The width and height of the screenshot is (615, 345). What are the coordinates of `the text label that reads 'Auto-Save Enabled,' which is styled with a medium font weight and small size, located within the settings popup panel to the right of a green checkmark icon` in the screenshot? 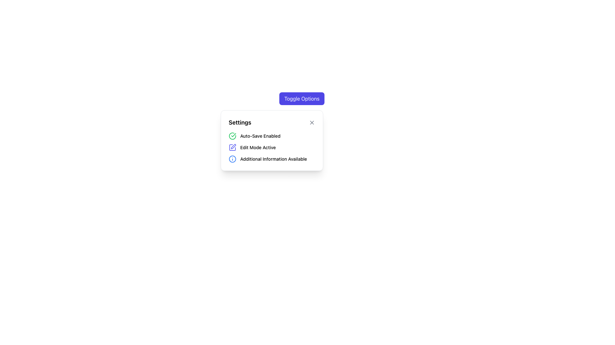 It's located at (260, 135).